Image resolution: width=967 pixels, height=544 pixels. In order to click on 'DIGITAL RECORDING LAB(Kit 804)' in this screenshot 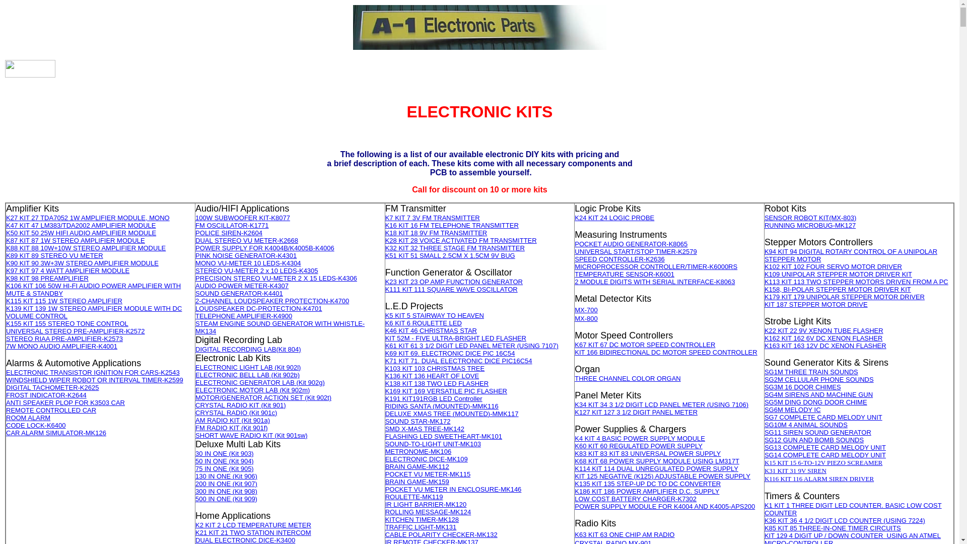, I will do `click(248, 349)`.